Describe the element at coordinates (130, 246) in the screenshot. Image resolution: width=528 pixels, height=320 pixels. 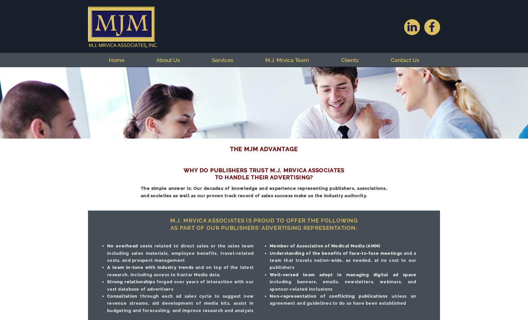
I see `'No  overhead costs'` at that location.